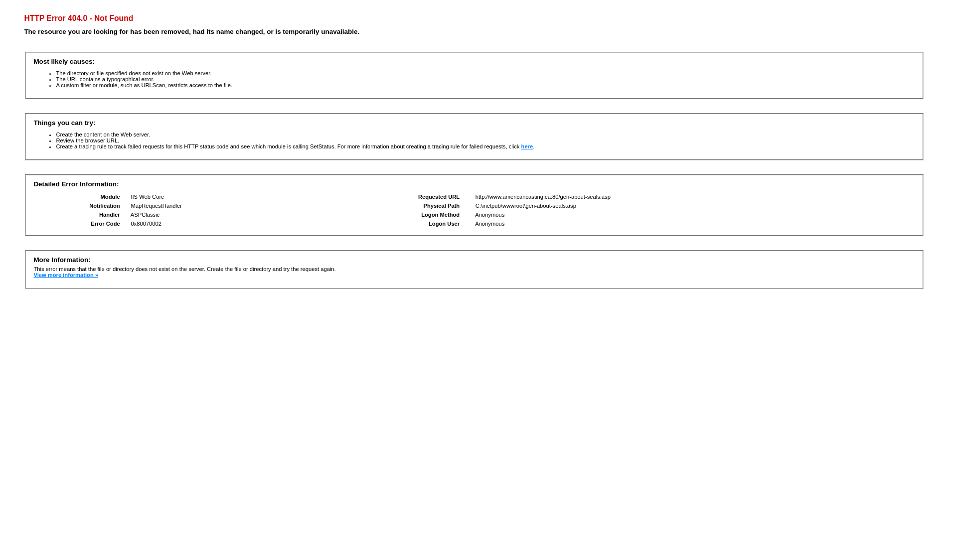  I want to click on 'here', so click(526, 146).